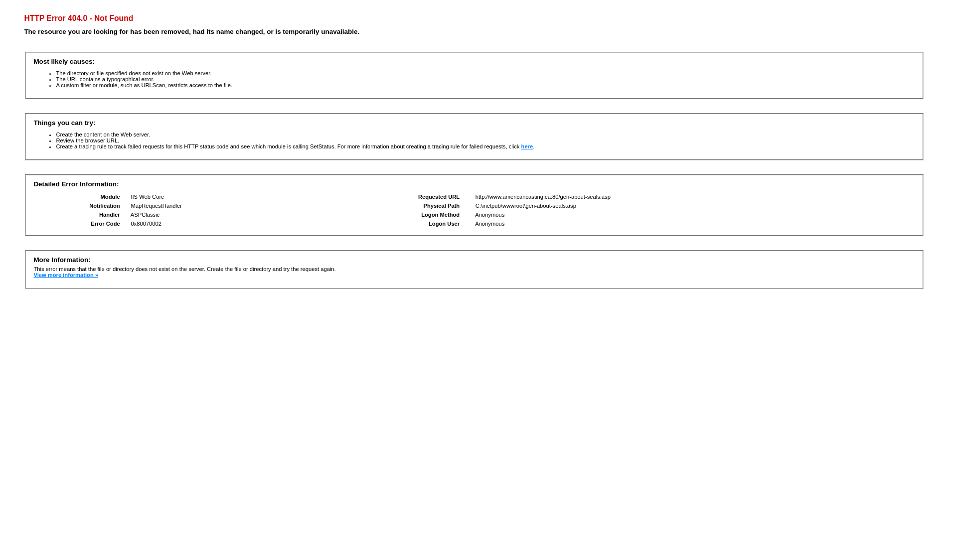  I want to click on 'here', so click(526, 146).